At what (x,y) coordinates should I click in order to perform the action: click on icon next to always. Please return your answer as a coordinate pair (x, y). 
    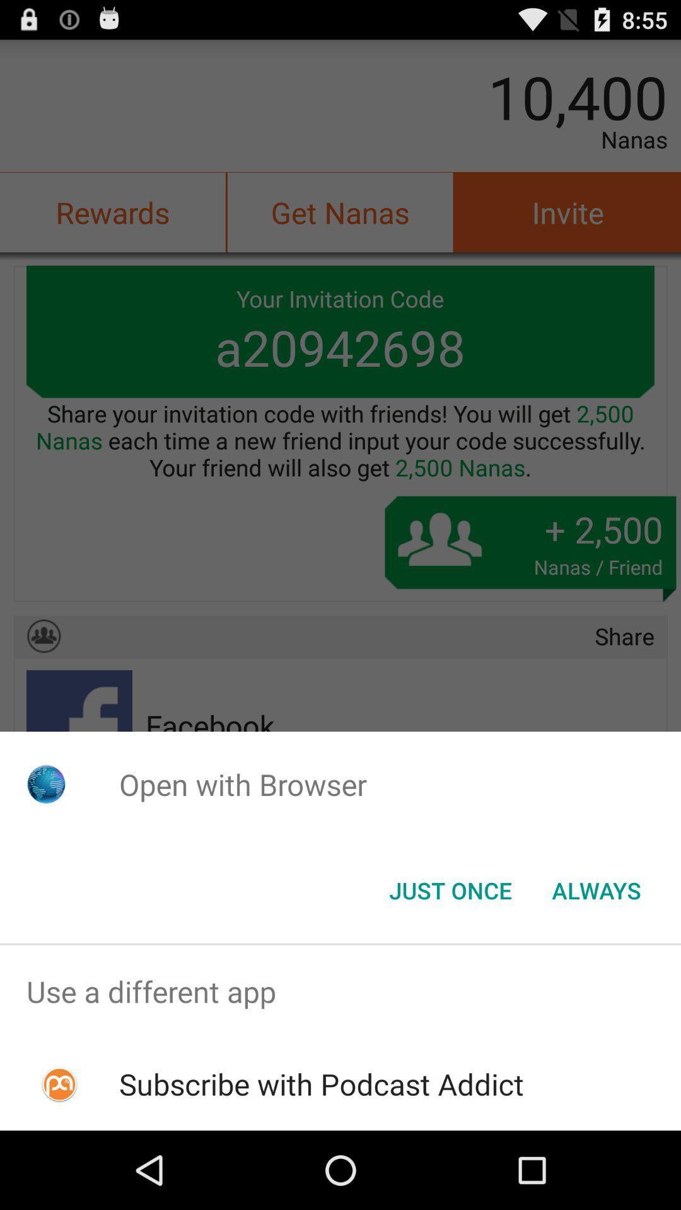
    Looking at the image, I should click on (450, 889).